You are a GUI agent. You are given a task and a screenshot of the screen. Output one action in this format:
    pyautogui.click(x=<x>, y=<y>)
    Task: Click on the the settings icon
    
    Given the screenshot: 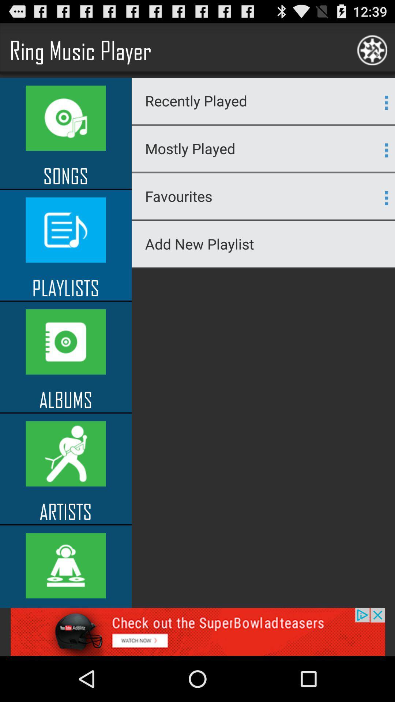 What is the action you would take?
    pyautogui.click(x=372, y=53)
    